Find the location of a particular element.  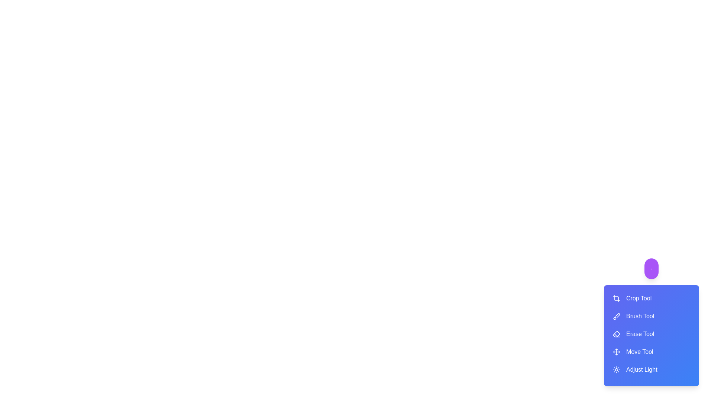

the 'Move Tool' icon located to the immediate left of the label 'Move Tool' in the bottom-right section of the menu is located at coordinates (616, 352).